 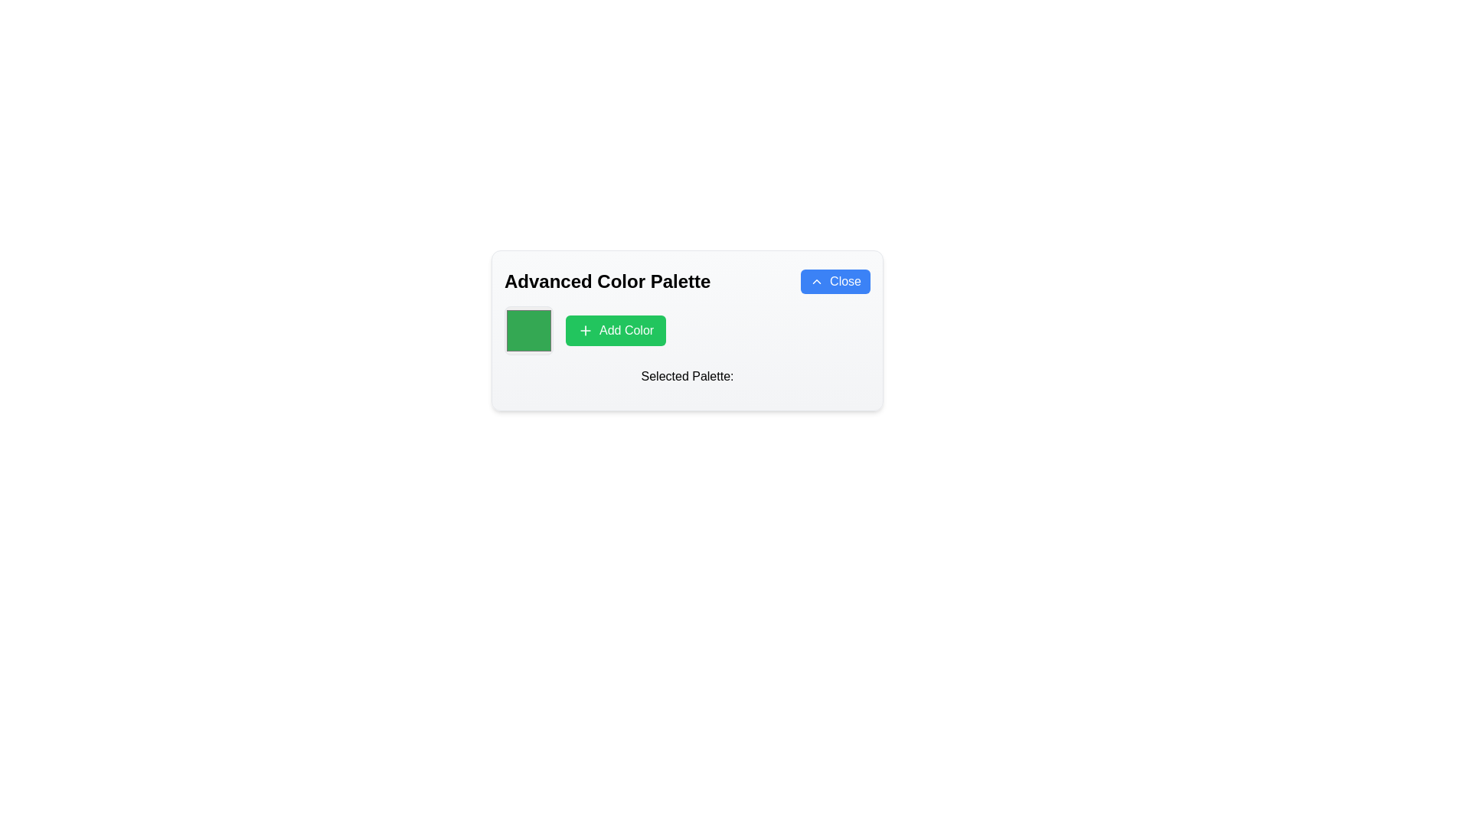 I want to click on the upward-pointing chevron icon inside the blue 'Close' button located at the top-right corner of the main panel, so click(x=816, y=281).